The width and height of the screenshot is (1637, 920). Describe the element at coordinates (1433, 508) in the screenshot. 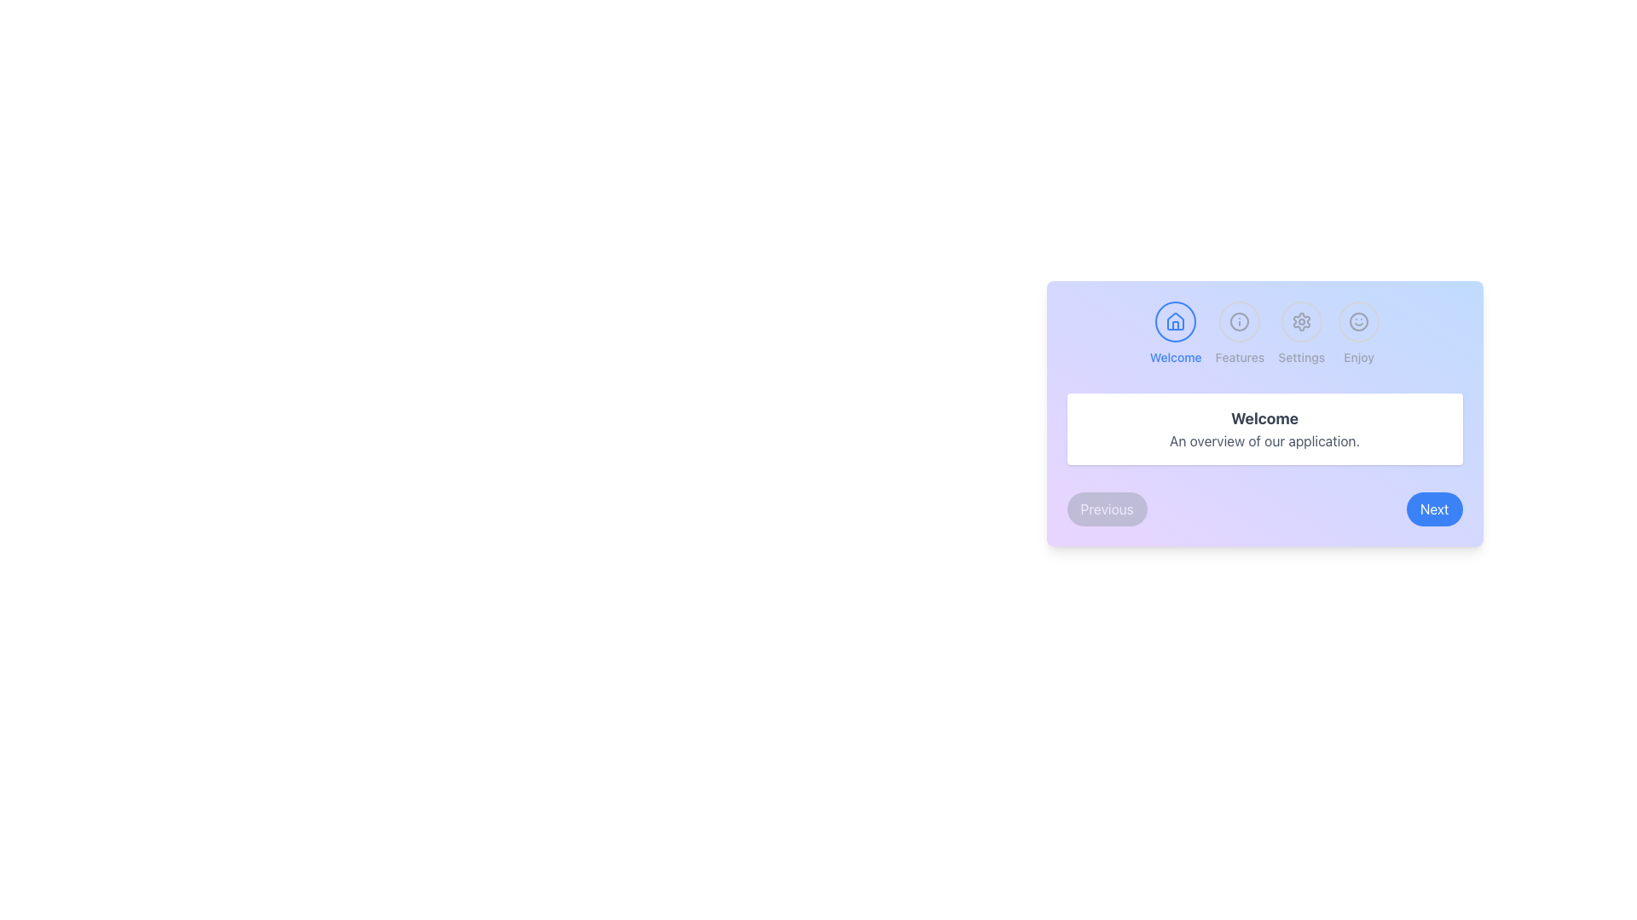

I see `the 'Next' button located in the lower-right part of the interface` at that location.